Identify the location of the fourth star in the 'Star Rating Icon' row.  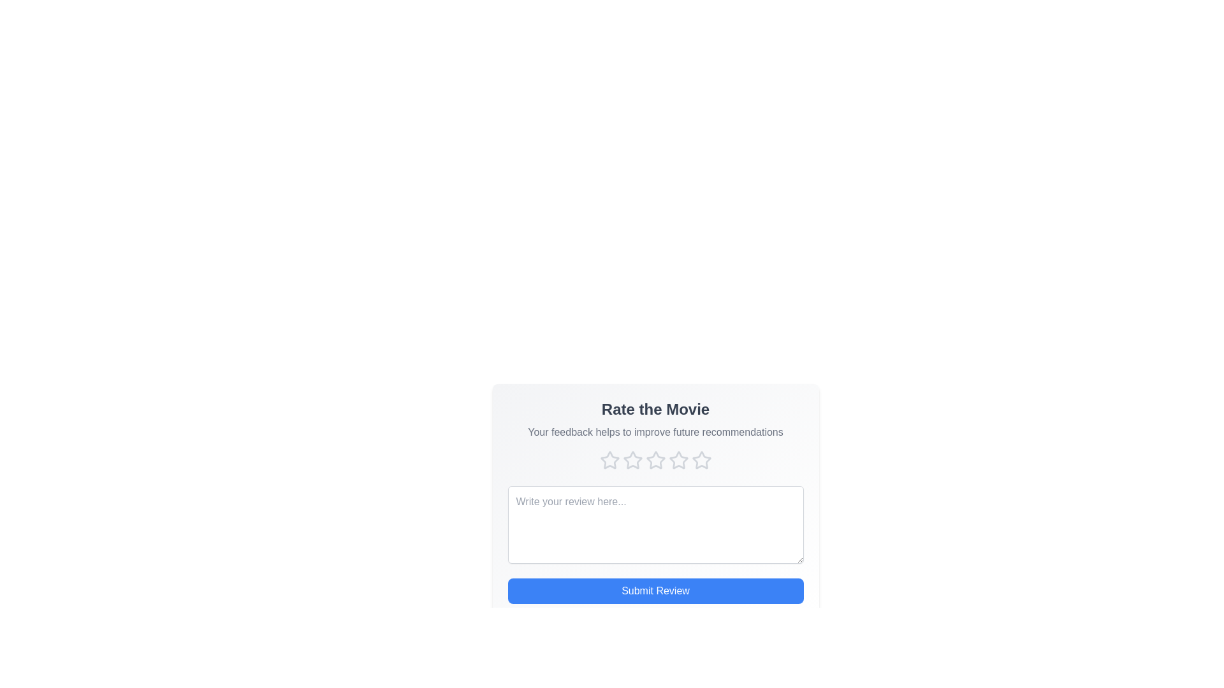
(678, 460).